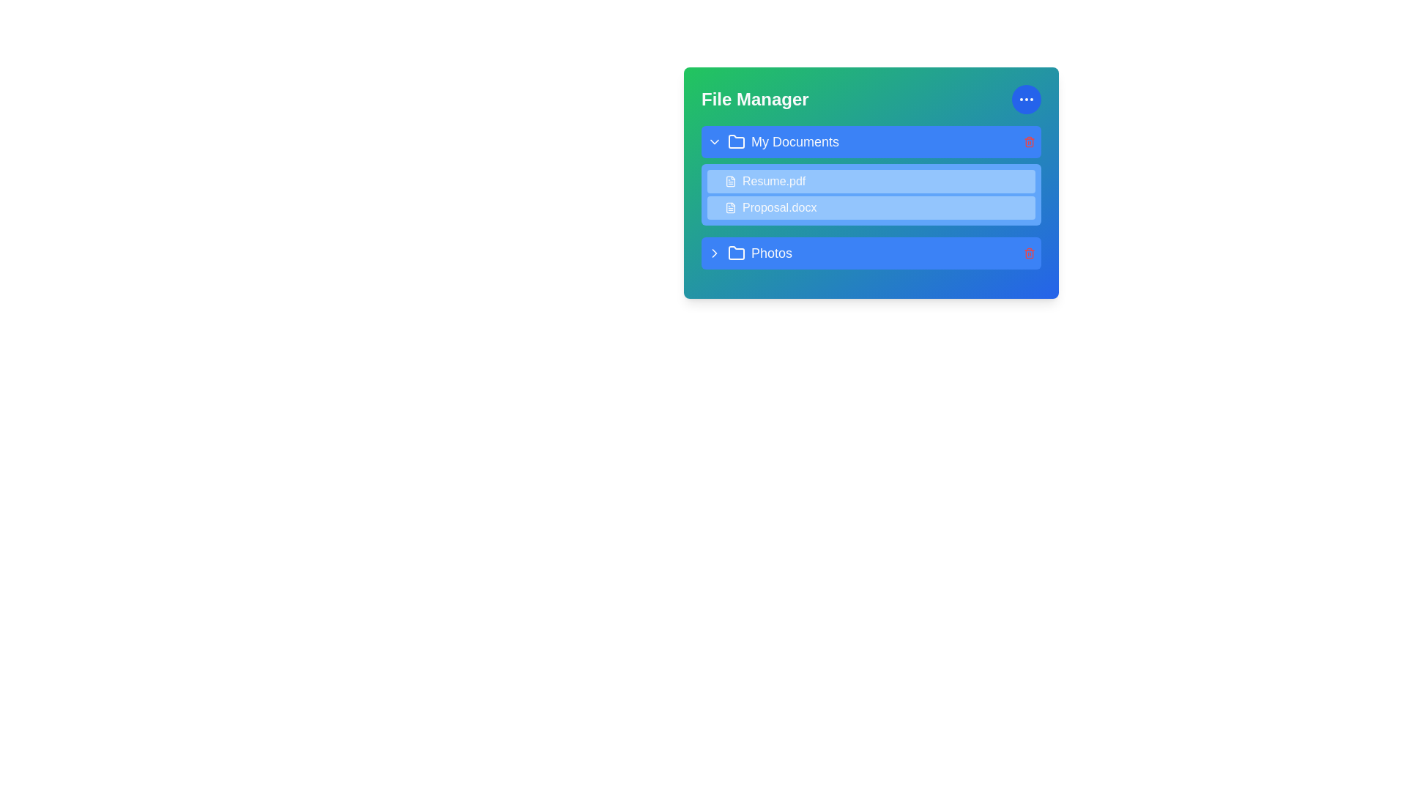  I want to click on on the 'Resume.pdf' file entry card located under the 'My Documents' section in the file manager interface, so click(871, 182).